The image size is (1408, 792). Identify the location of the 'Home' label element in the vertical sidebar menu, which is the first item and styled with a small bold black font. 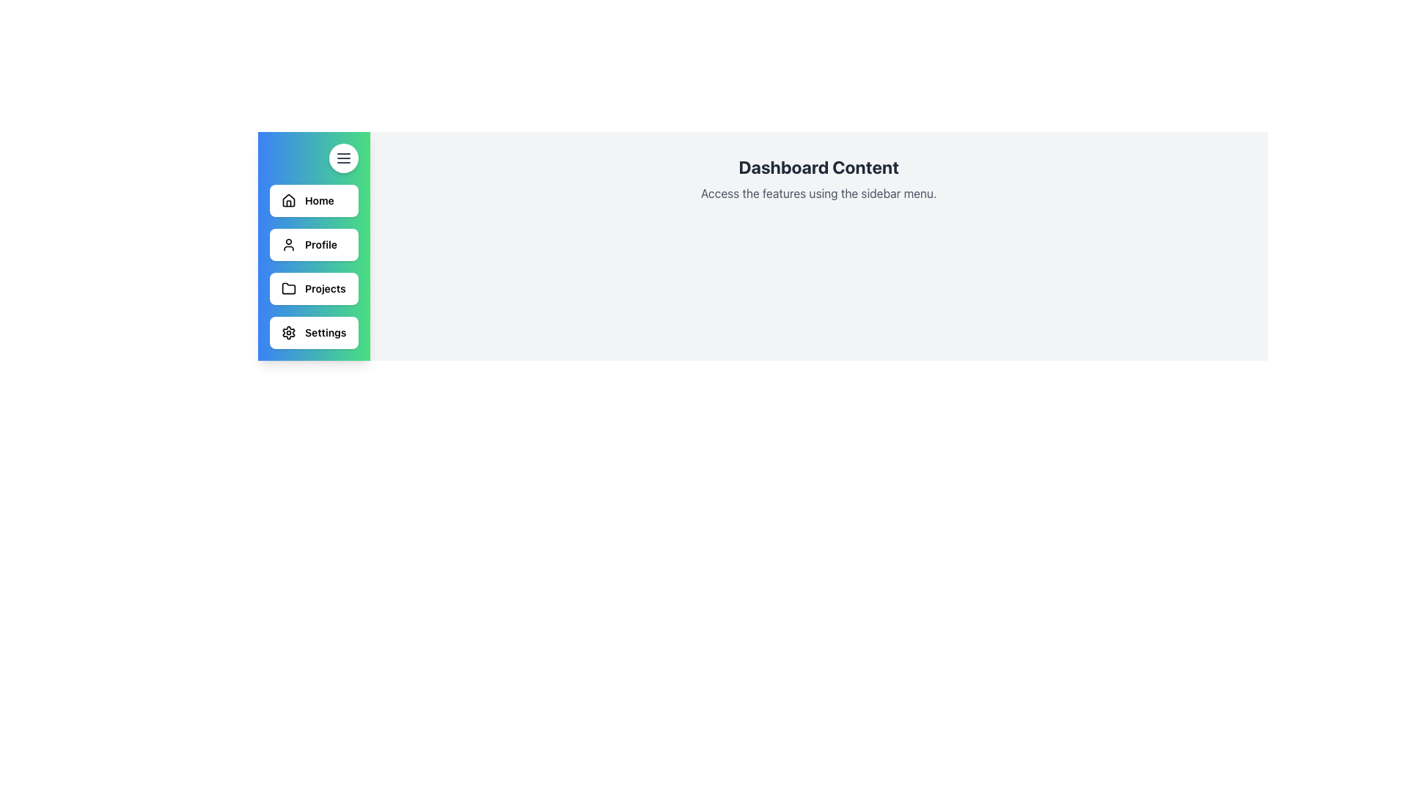
(318, 200).